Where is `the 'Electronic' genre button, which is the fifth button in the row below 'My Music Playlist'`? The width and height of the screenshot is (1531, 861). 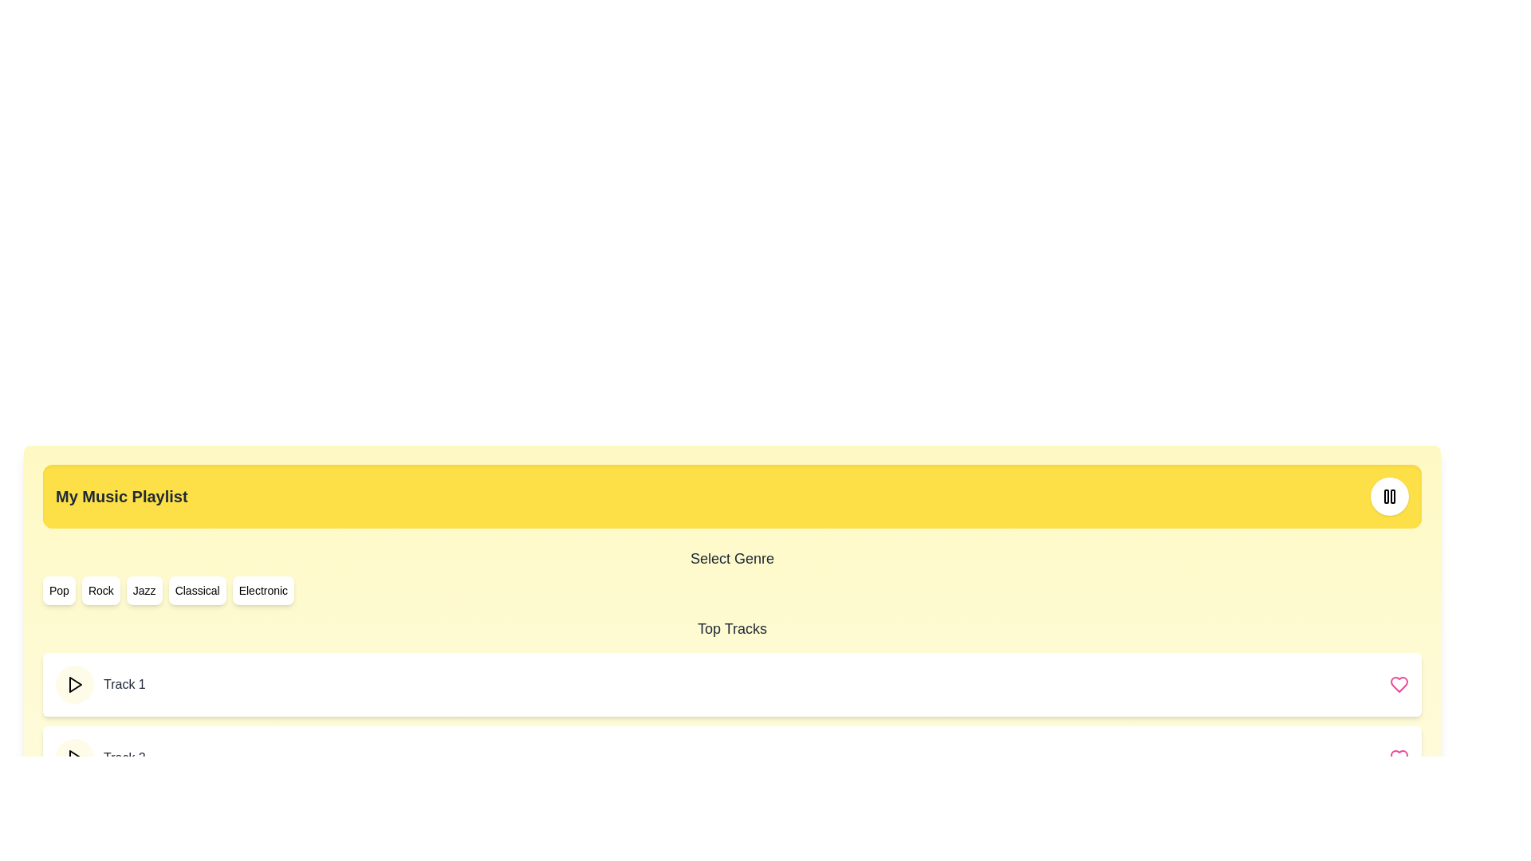
the 'Electronic' genre button, which is the fifth button in the row below 'My Music Playlist' is located at coordinates (263, 590).